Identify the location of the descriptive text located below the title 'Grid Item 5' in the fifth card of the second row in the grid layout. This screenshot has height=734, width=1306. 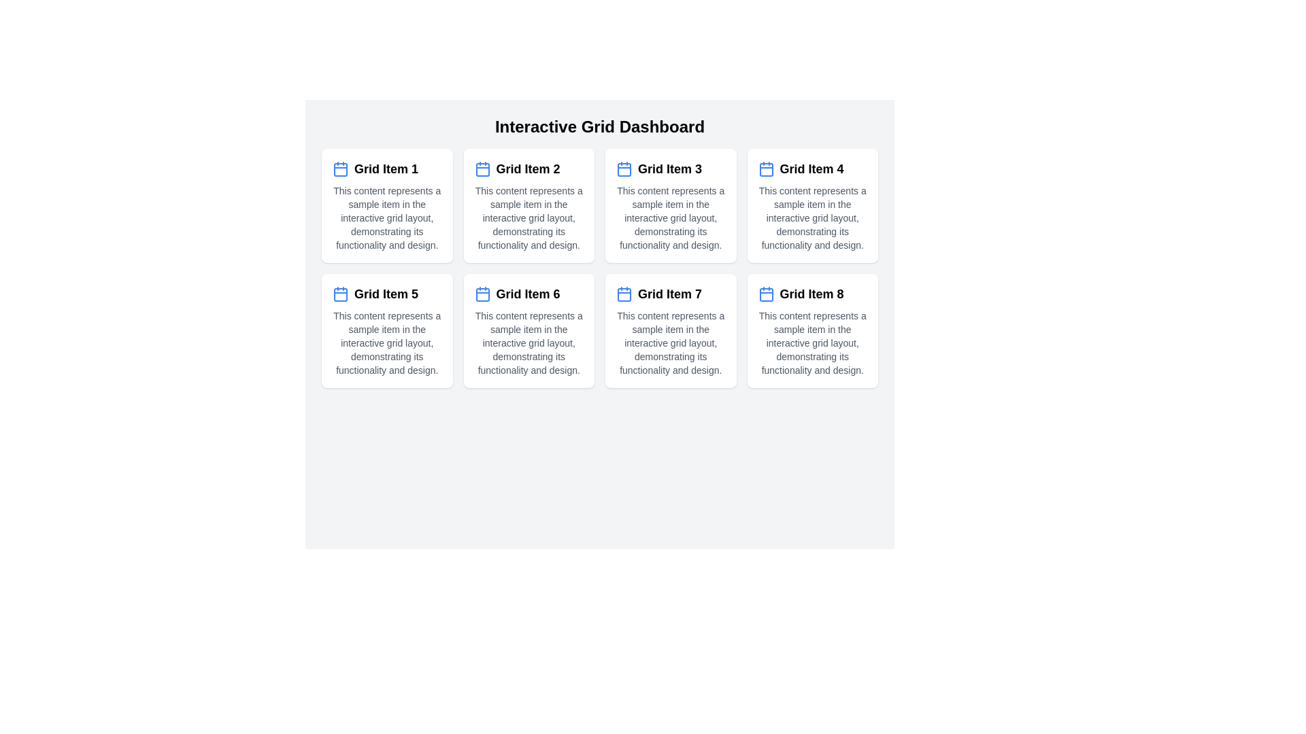
(386, 343).